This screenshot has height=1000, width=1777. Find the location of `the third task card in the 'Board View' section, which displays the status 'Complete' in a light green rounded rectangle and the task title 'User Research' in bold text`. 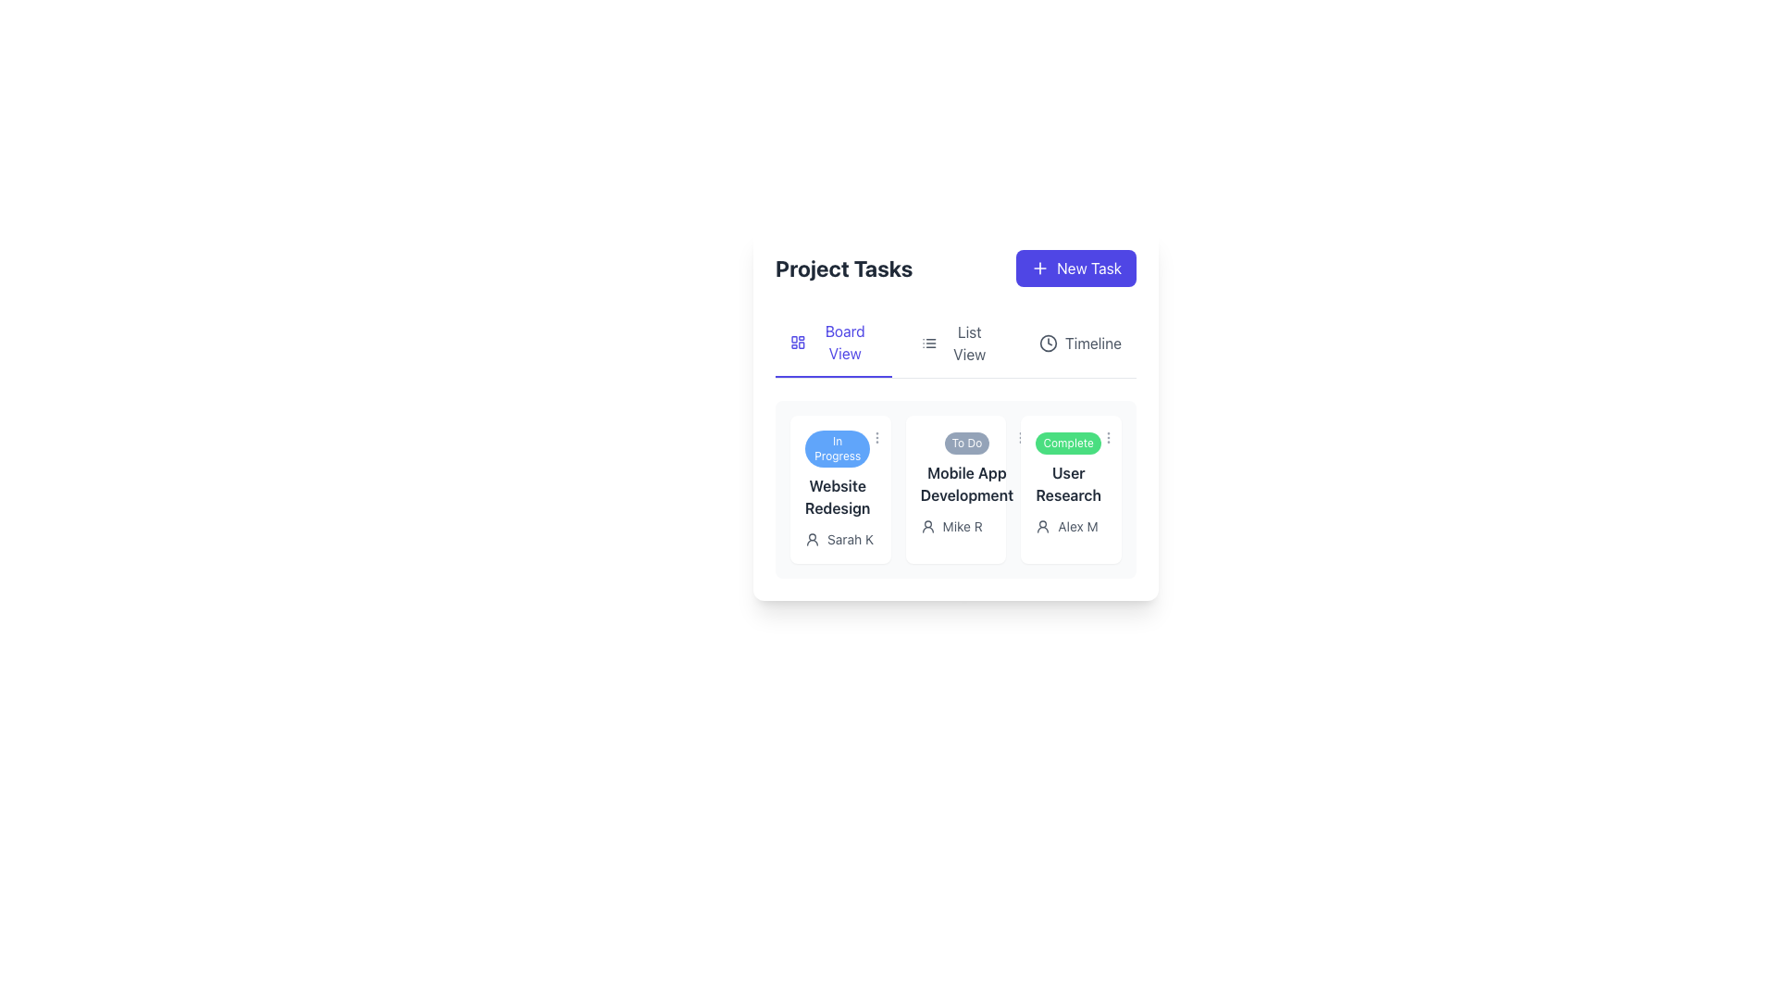

the third task card in the 'Board View' section, which displays the status 'Complete' in a light green rounded rectangle and the task title 'User Research' in bold text is located at coordinates (1071, 467).